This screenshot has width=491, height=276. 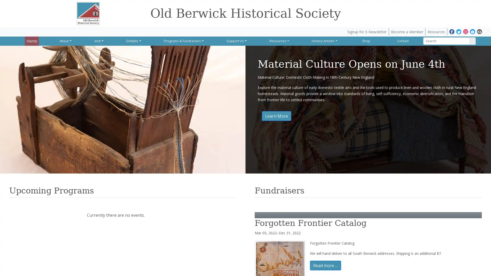 I want to click on Support Us, so click(x=235, y=40).